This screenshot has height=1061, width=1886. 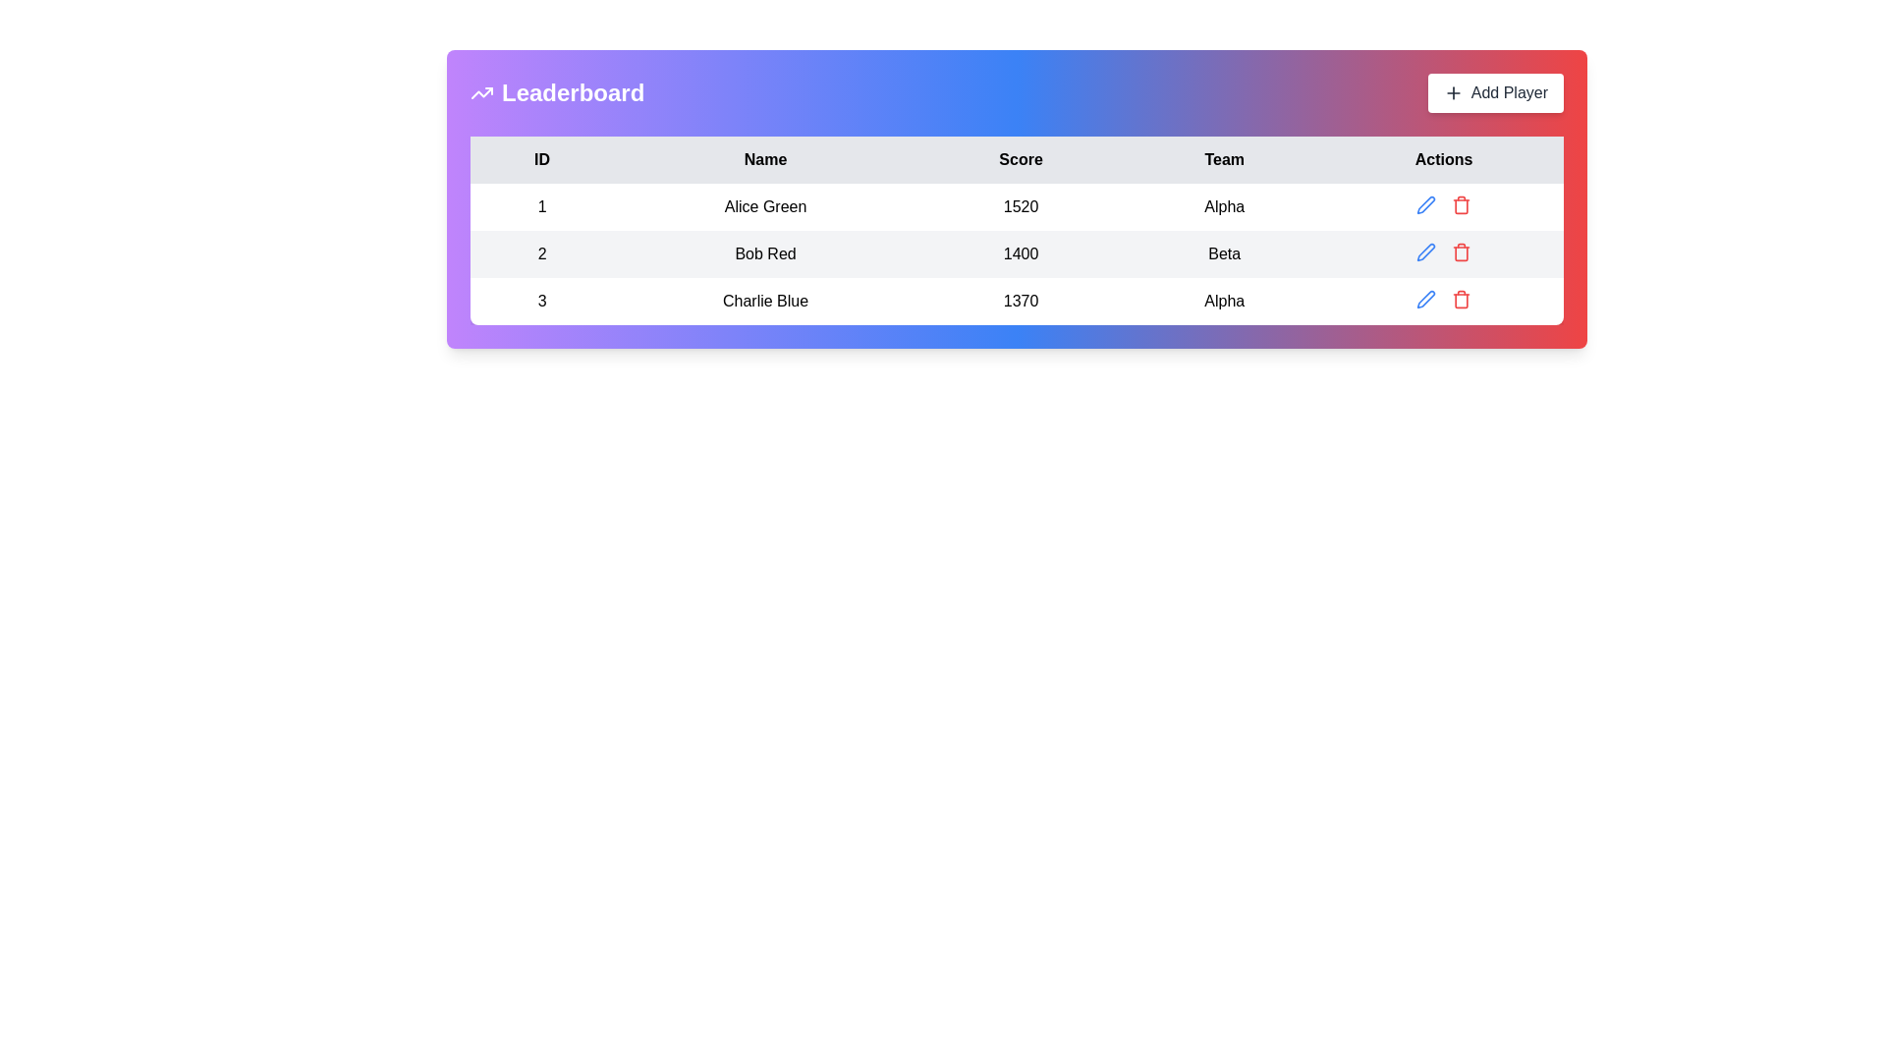 What do you see at coordinates (542, 207) in the screenshot?
I see `the table cell displaying the number '1', which is located in the first row under the 'ID' header and to the left of the cell containing 'Alice Green'` at bounding box center [542, 207].